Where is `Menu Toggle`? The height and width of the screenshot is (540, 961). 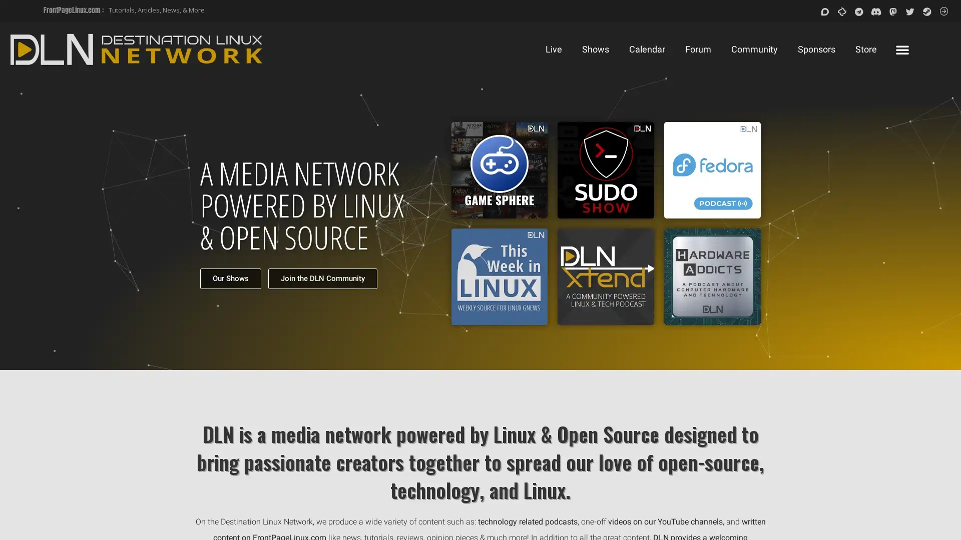 Menu Toggle is located at coordinates (901, 49).